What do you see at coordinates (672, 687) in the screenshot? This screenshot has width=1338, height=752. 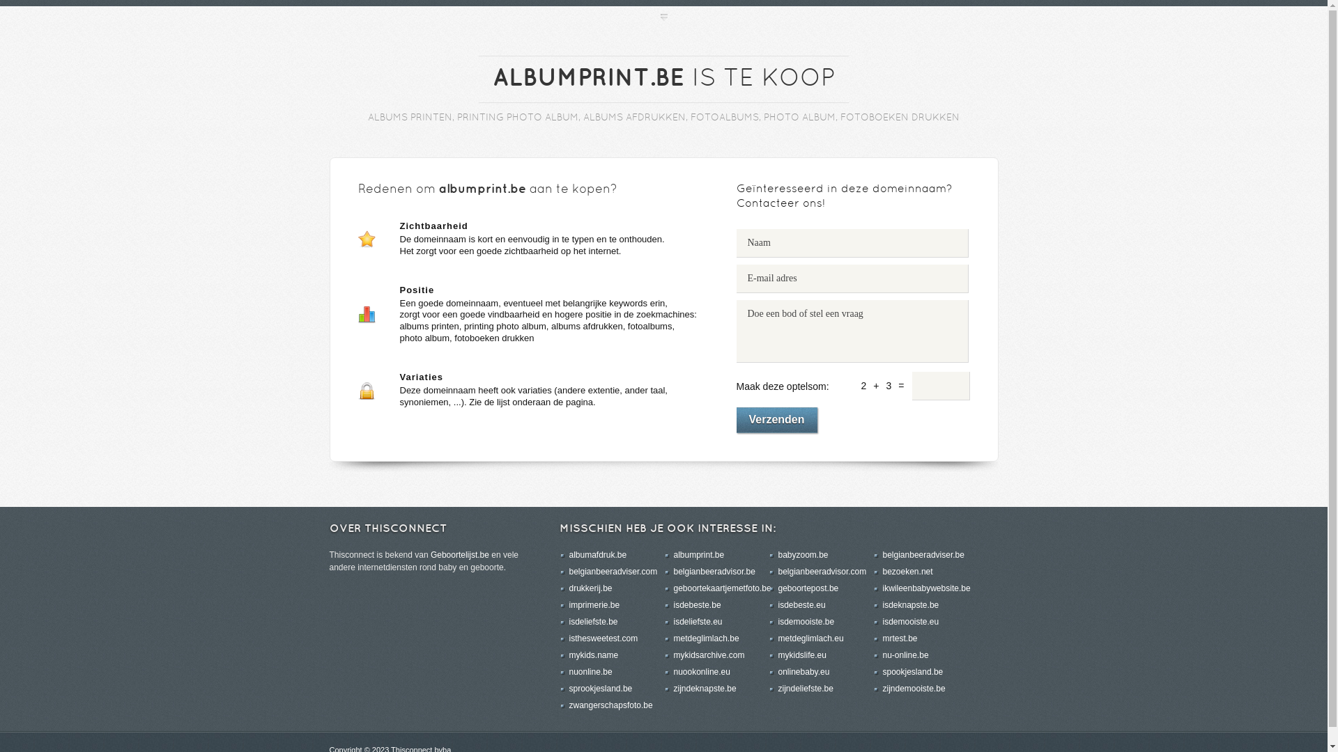 I see `'zijndeknapste.be'` at bounding box center [672, 687].